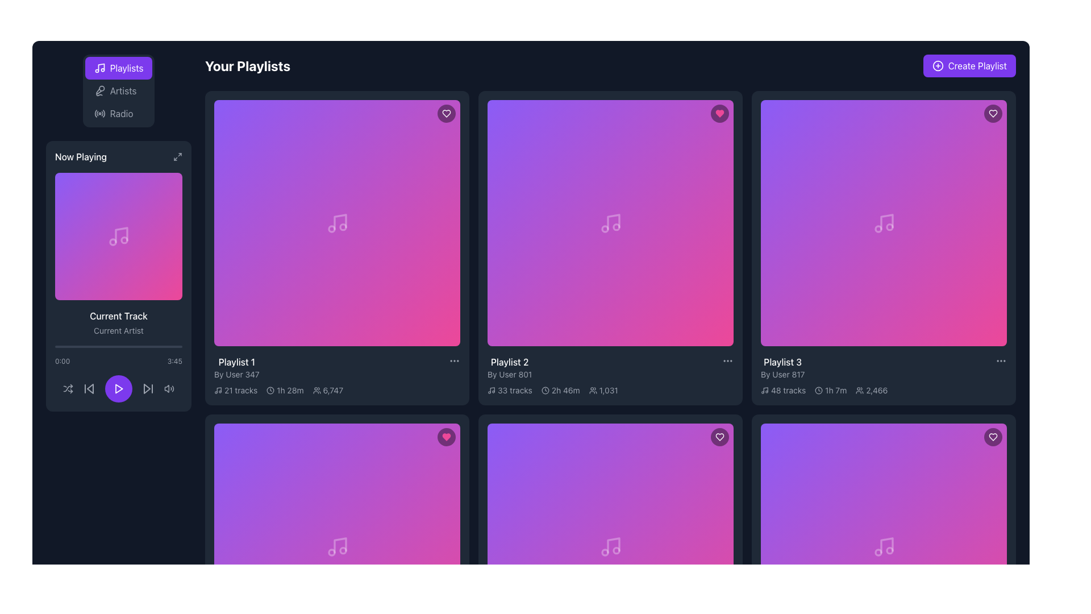 The width and height of the screenshot is (1091, 614). I want to click on the music icon located in the center of the top-left card of the playlist grid, which is labeled 'Playlist 1', so click(336, 223).